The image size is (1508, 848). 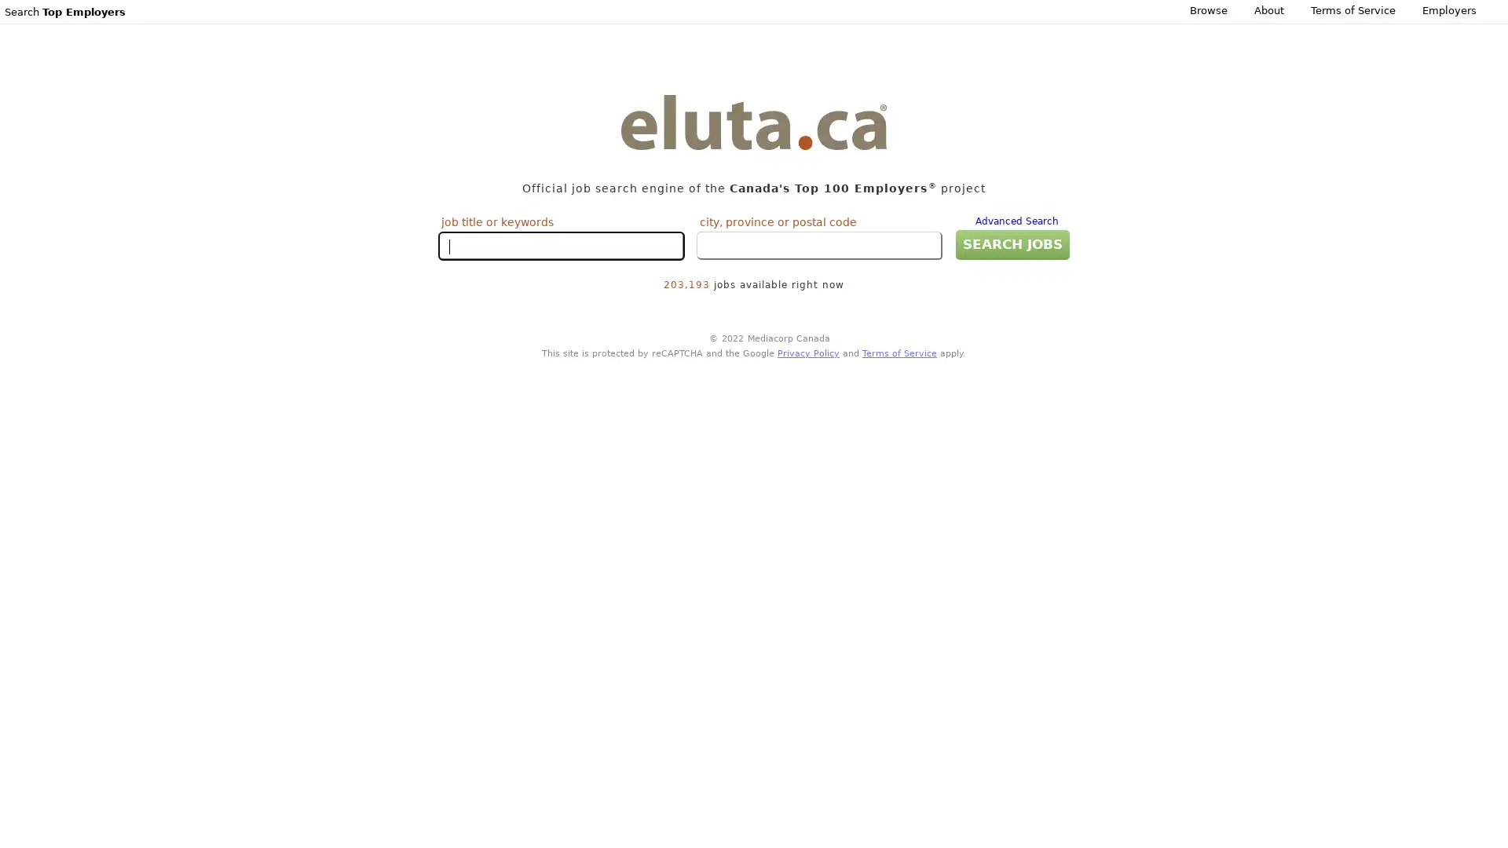 I want to click on SEARCH JOBS, so click(x=1012, y=244).